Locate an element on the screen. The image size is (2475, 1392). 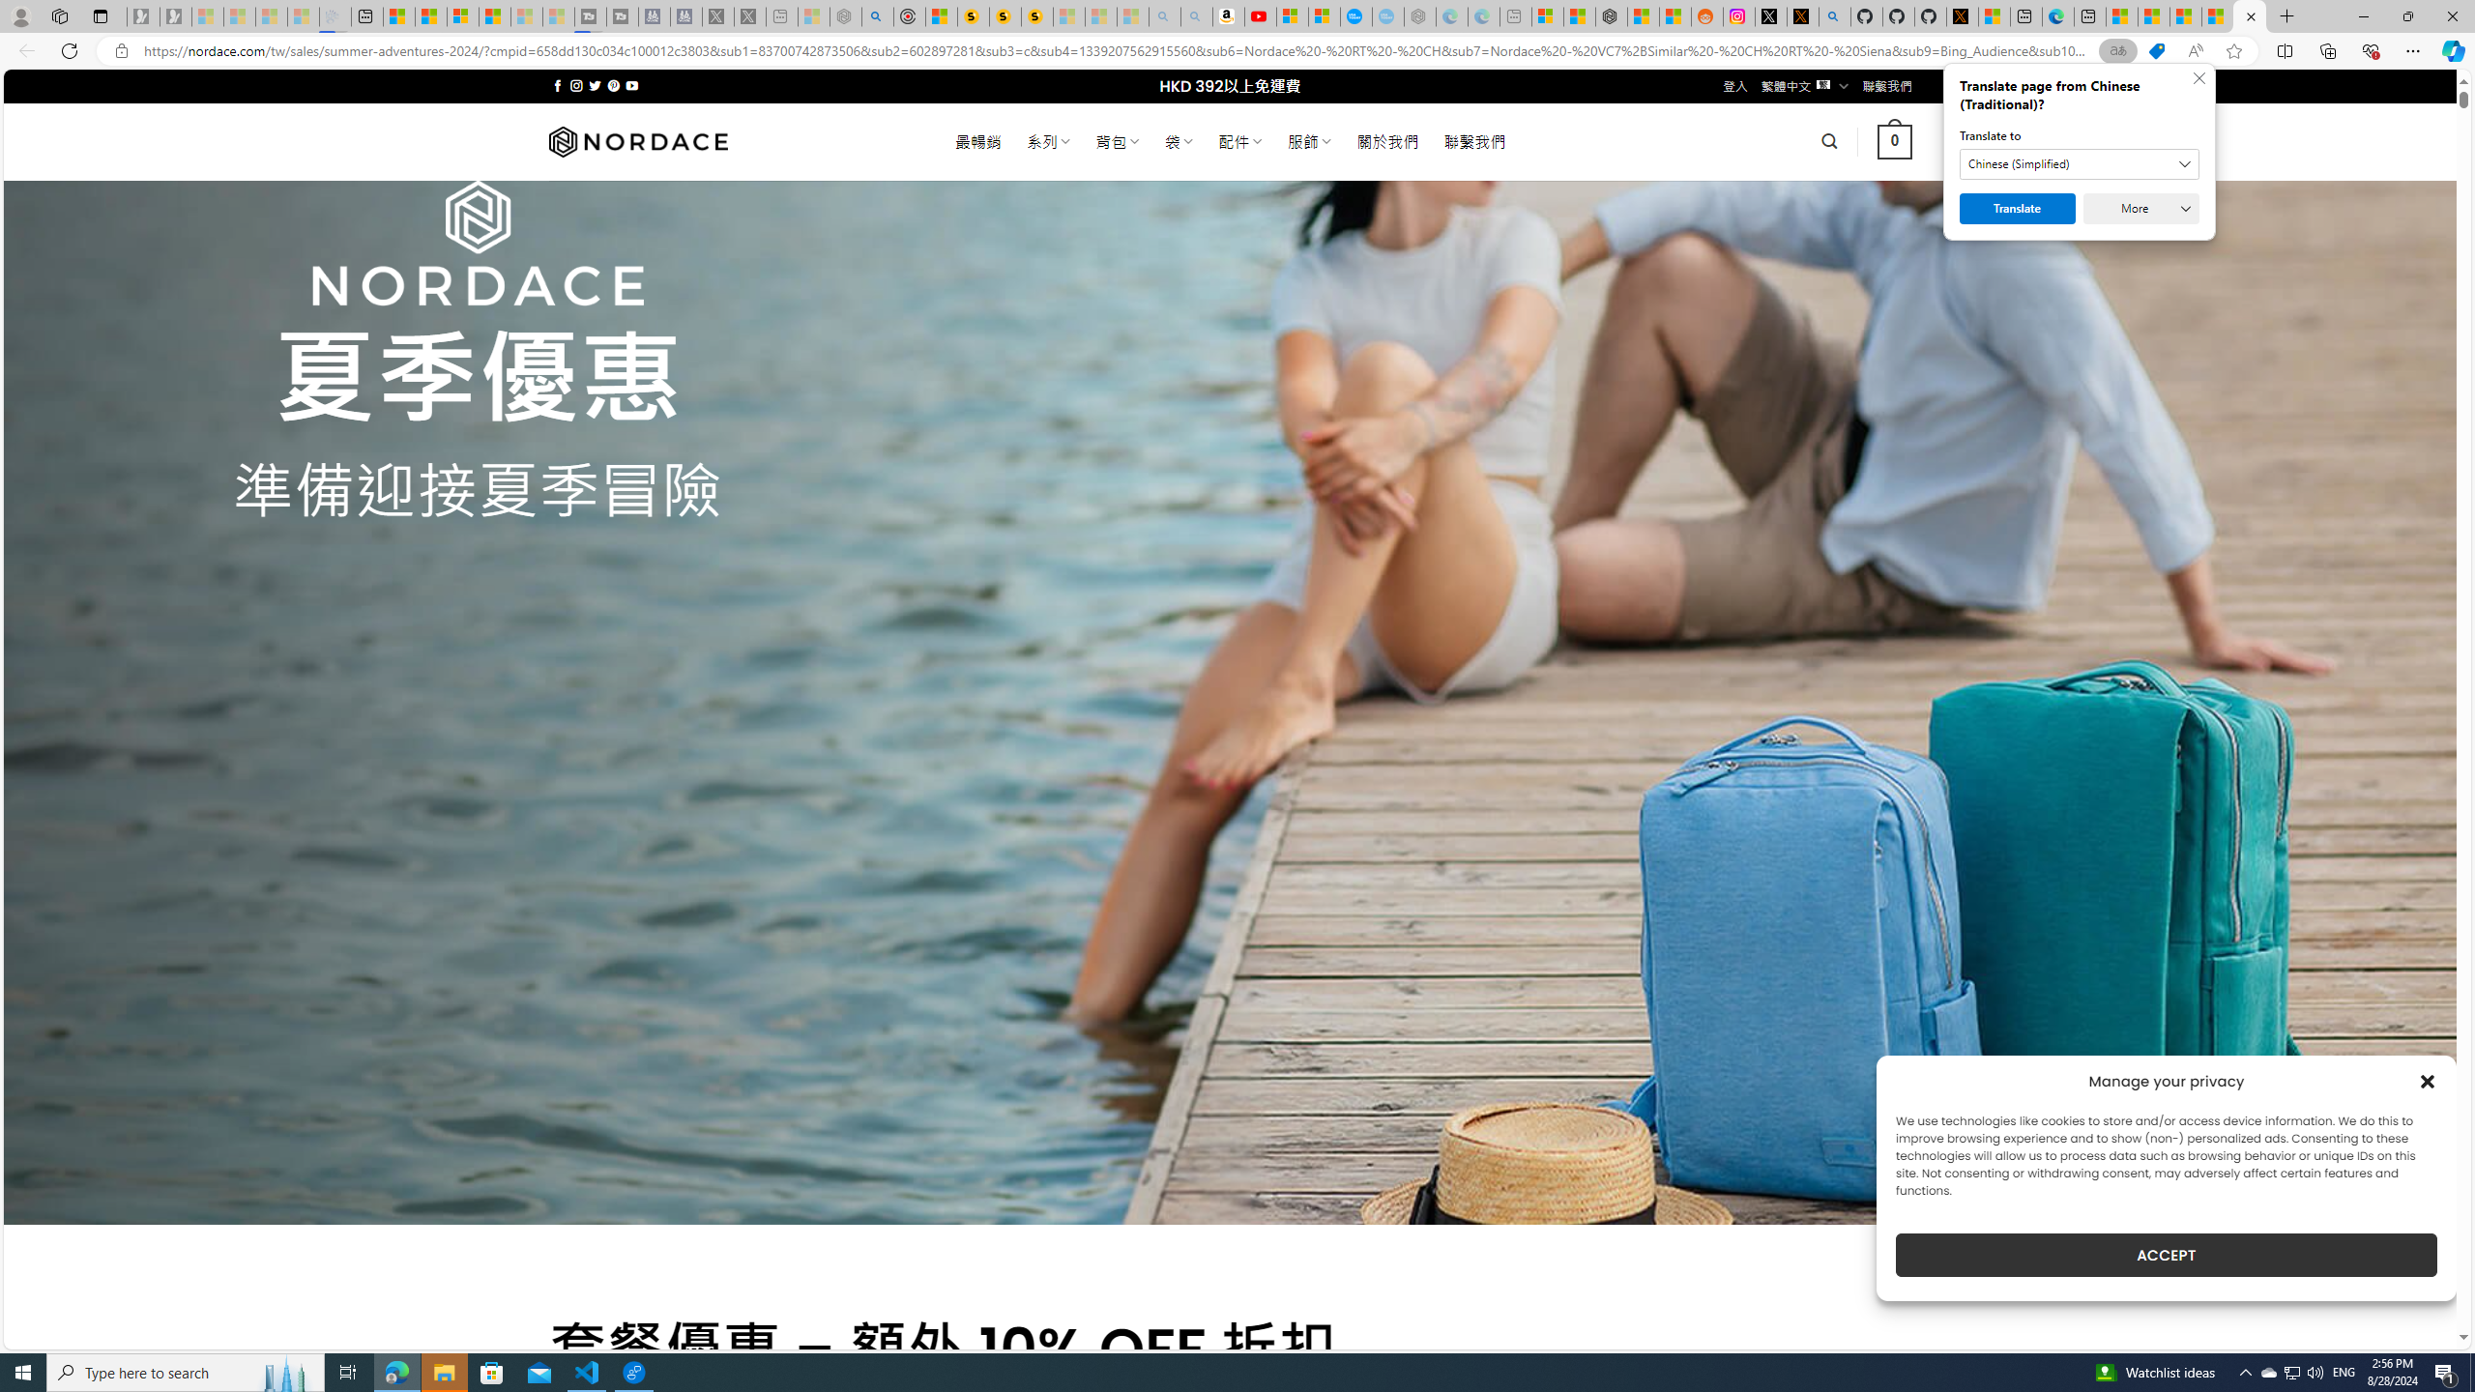
'Class: cmplz-close' is located at coordinates (2428, 1081).